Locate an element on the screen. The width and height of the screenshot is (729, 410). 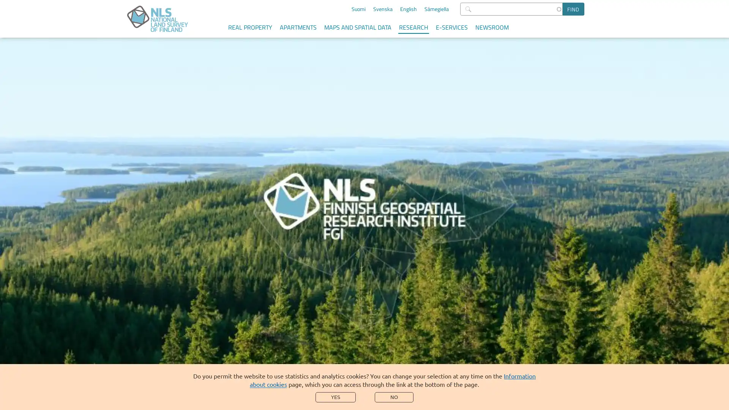
Find is located at coordinates (573, 9).